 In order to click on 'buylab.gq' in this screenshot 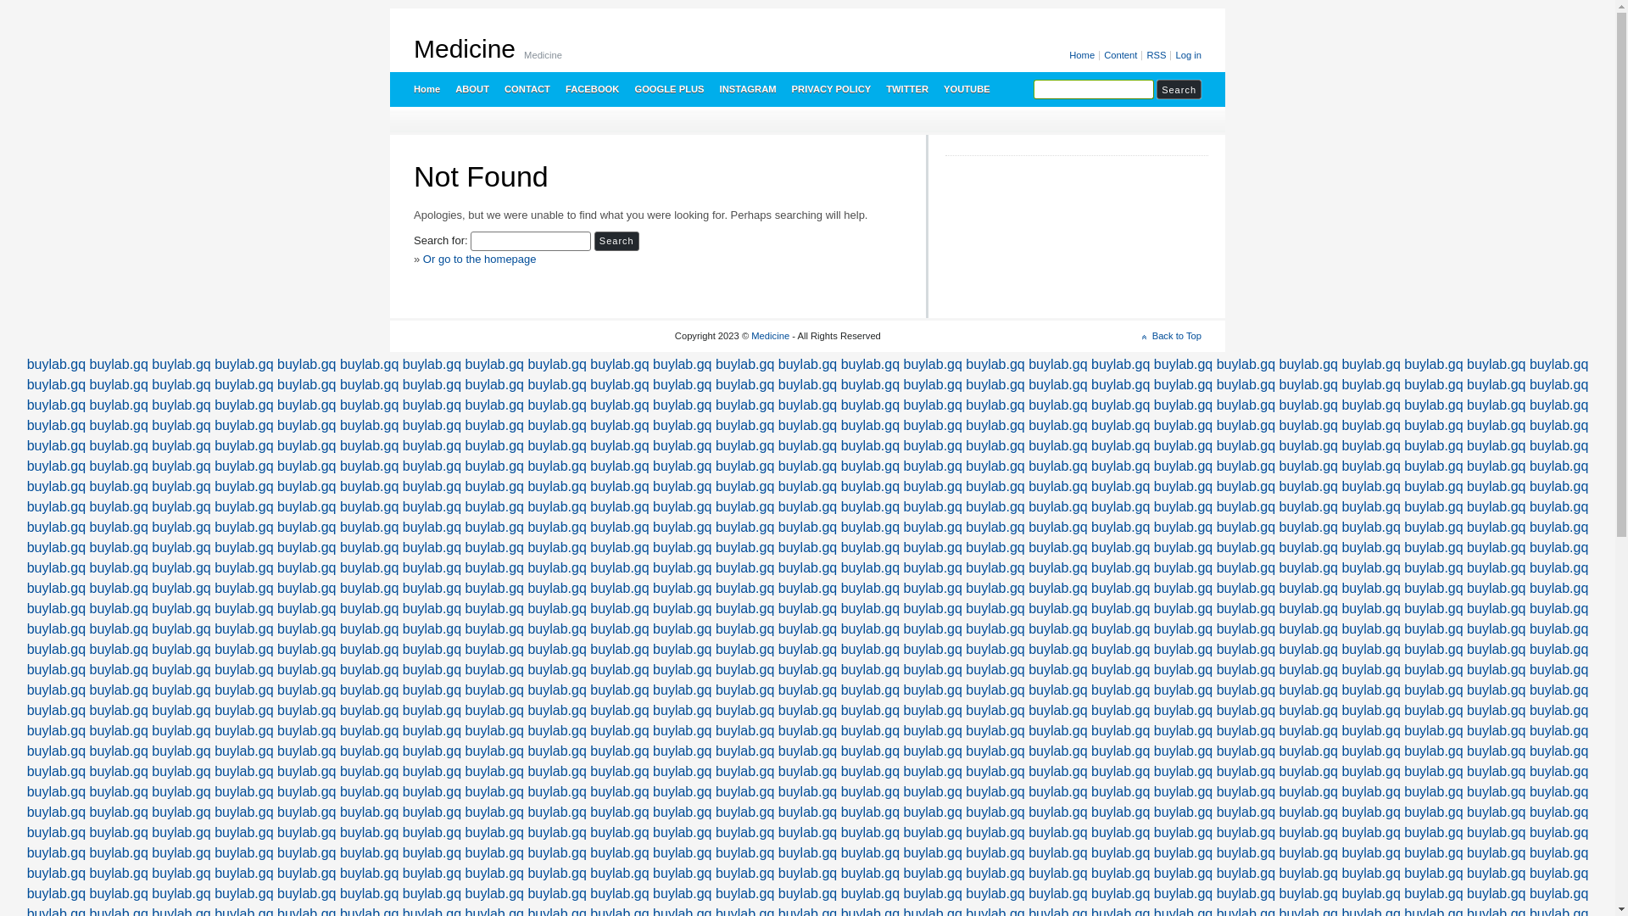, I will do `click(88, 649)`.